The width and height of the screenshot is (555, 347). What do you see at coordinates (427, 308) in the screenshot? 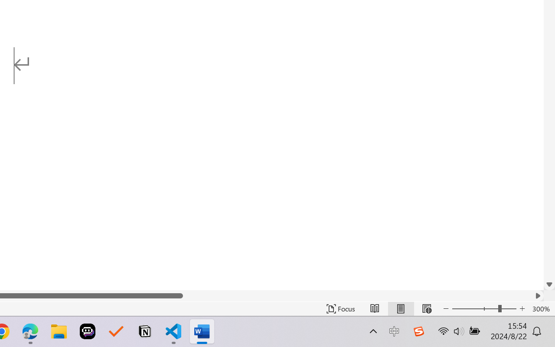
I see `'Web Layout'` at bounding box center [427, 308].